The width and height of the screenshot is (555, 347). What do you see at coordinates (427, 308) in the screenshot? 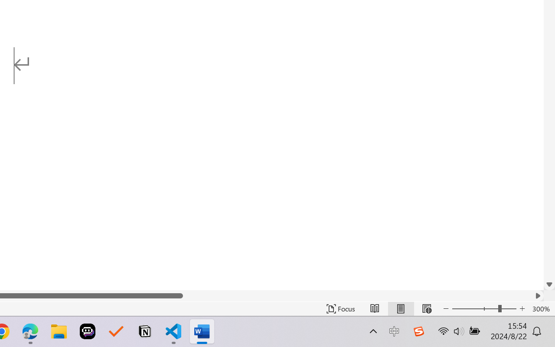
I see `'Web Layout'` at bounding box center [427, 308].